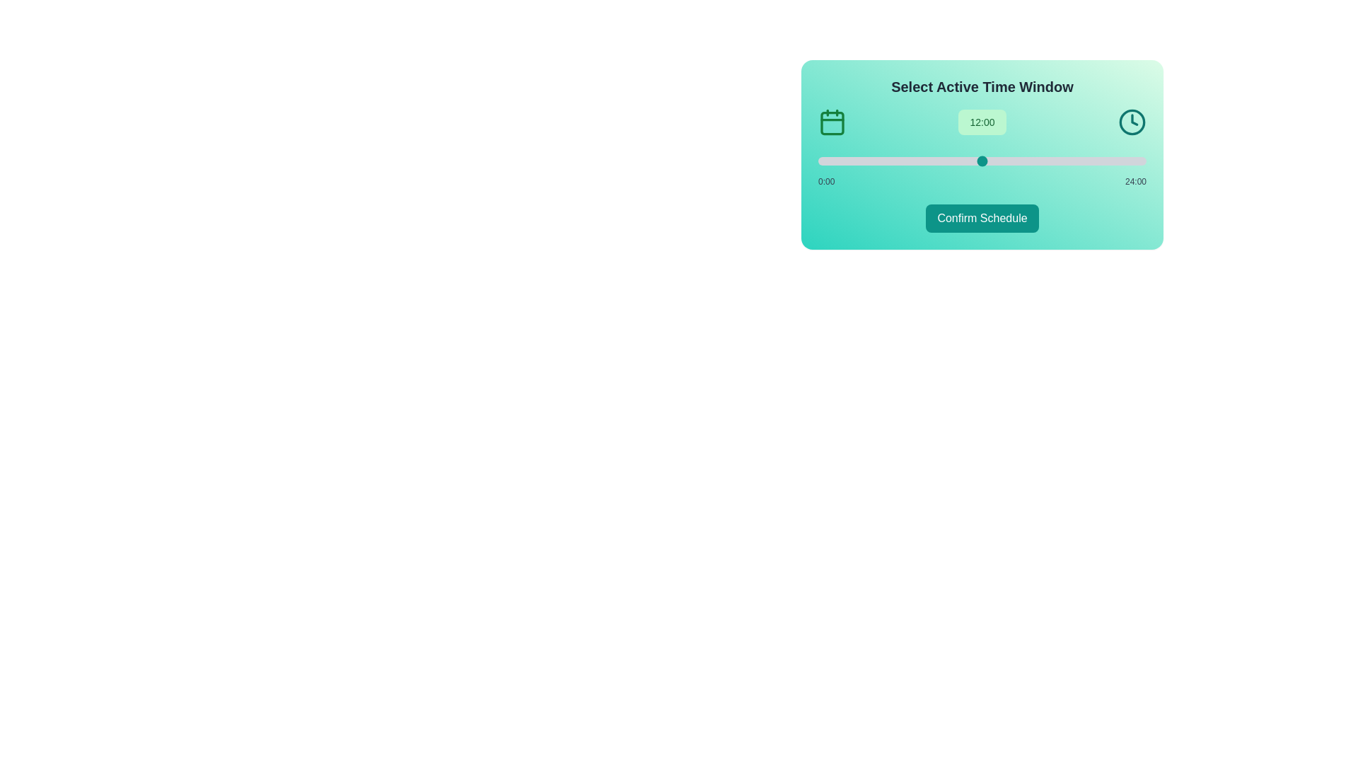 This screenshot has height=764, width=1358. Describe the element at coordinates (981, 218) in the screenshot. I see `the 'Confirm Schedule' button to confirm the selected time` at that location.